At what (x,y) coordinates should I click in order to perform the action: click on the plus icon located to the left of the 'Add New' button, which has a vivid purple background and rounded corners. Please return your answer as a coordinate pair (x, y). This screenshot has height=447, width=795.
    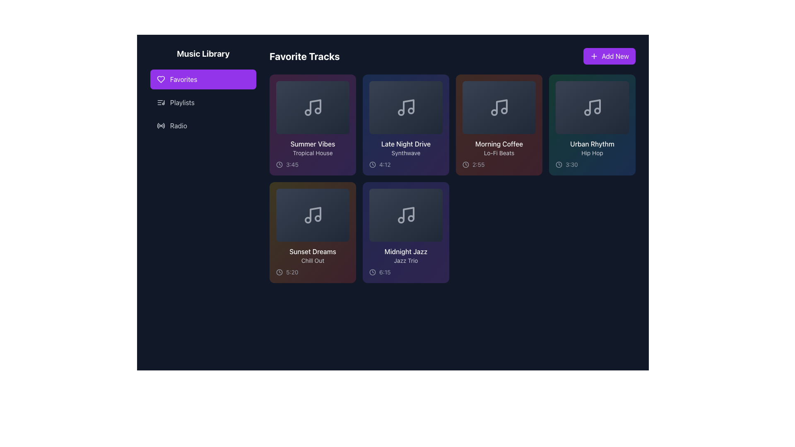
    Looking at the image, I should click on (594, 56).